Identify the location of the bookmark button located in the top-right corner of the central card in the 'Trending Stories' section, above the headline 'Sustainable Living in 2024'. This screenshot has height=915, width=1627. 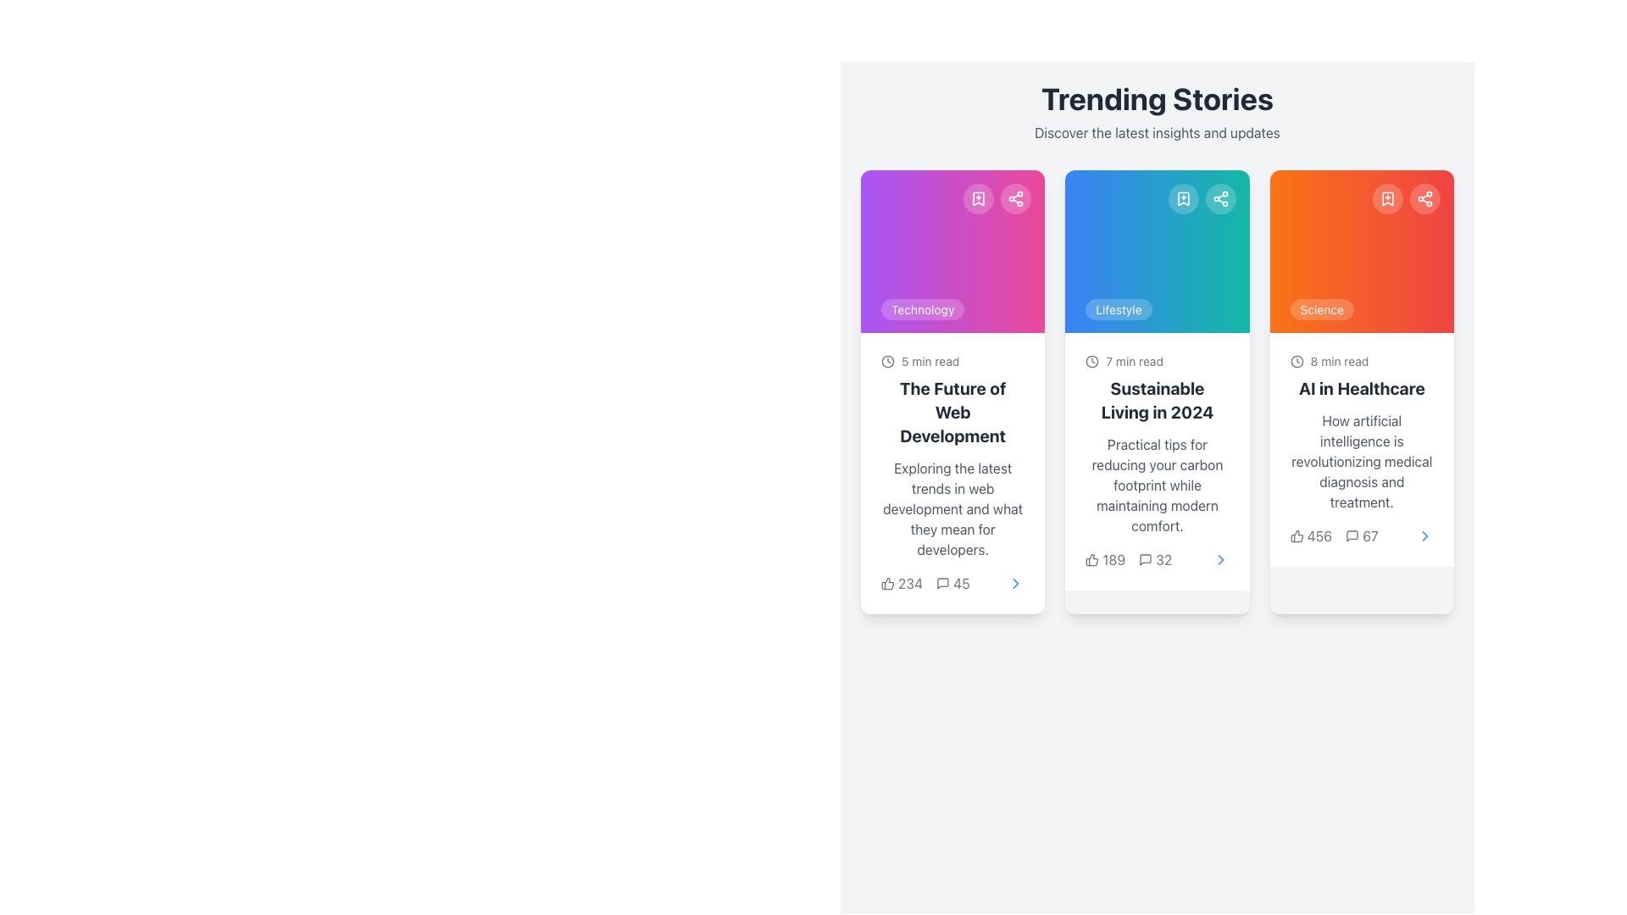
(1201, 198).